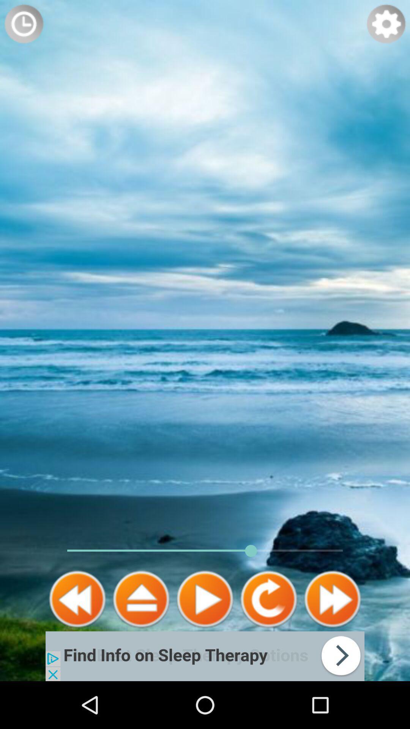 This screenshot has height=729, width=410. Describe the element at coordinates (77, 641) in the screenshot. I see `the av_rewind icon` at that location.